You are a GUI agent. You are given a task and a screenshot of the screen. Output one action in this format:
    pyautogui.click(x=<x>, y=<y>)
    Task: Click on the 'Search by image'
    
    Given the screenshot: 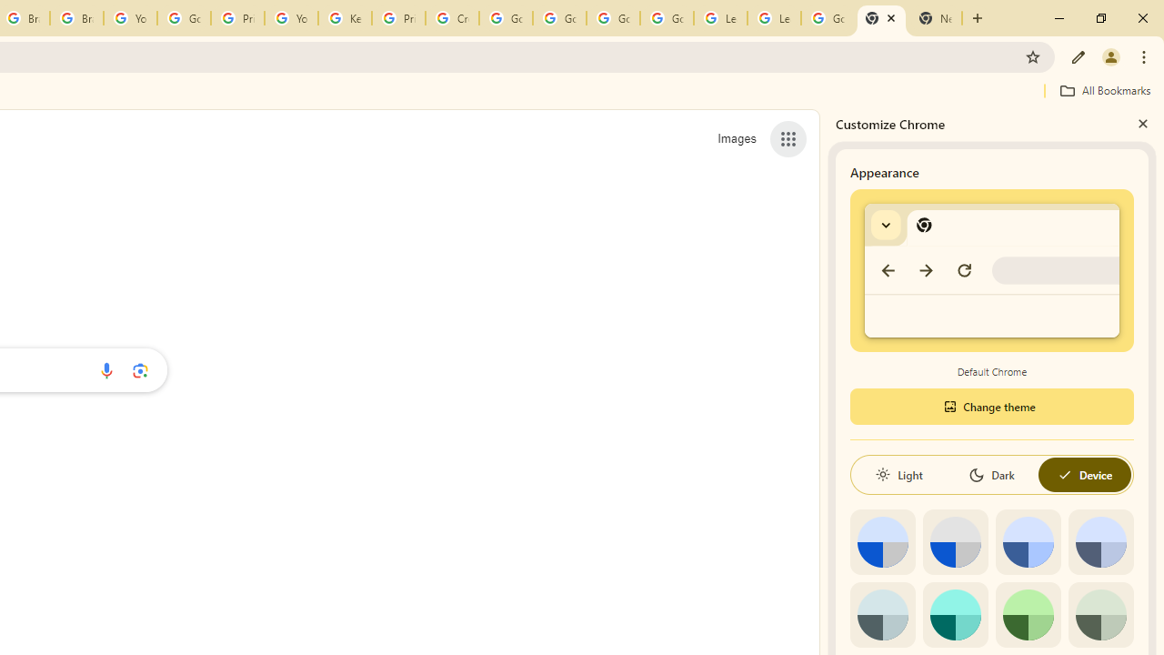 What is the action you would take?
    pyautogui.click(x=139, y=369)
    